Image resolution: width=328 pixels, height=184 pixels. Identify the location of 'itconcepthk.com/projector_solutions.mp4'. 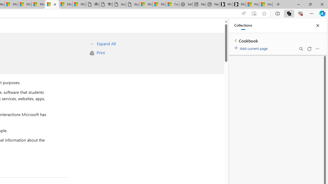
(132, 4).